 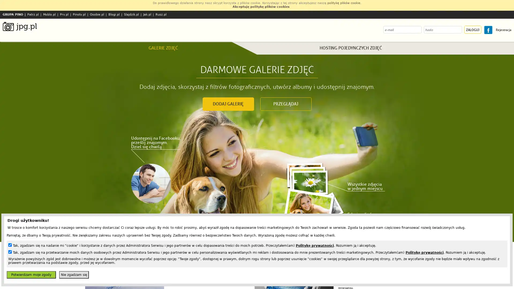 What do you see at coordinates (31, 275) in the screenshot?
I see `Potwierdzam moje zgody` at bounding box center [31, 275].